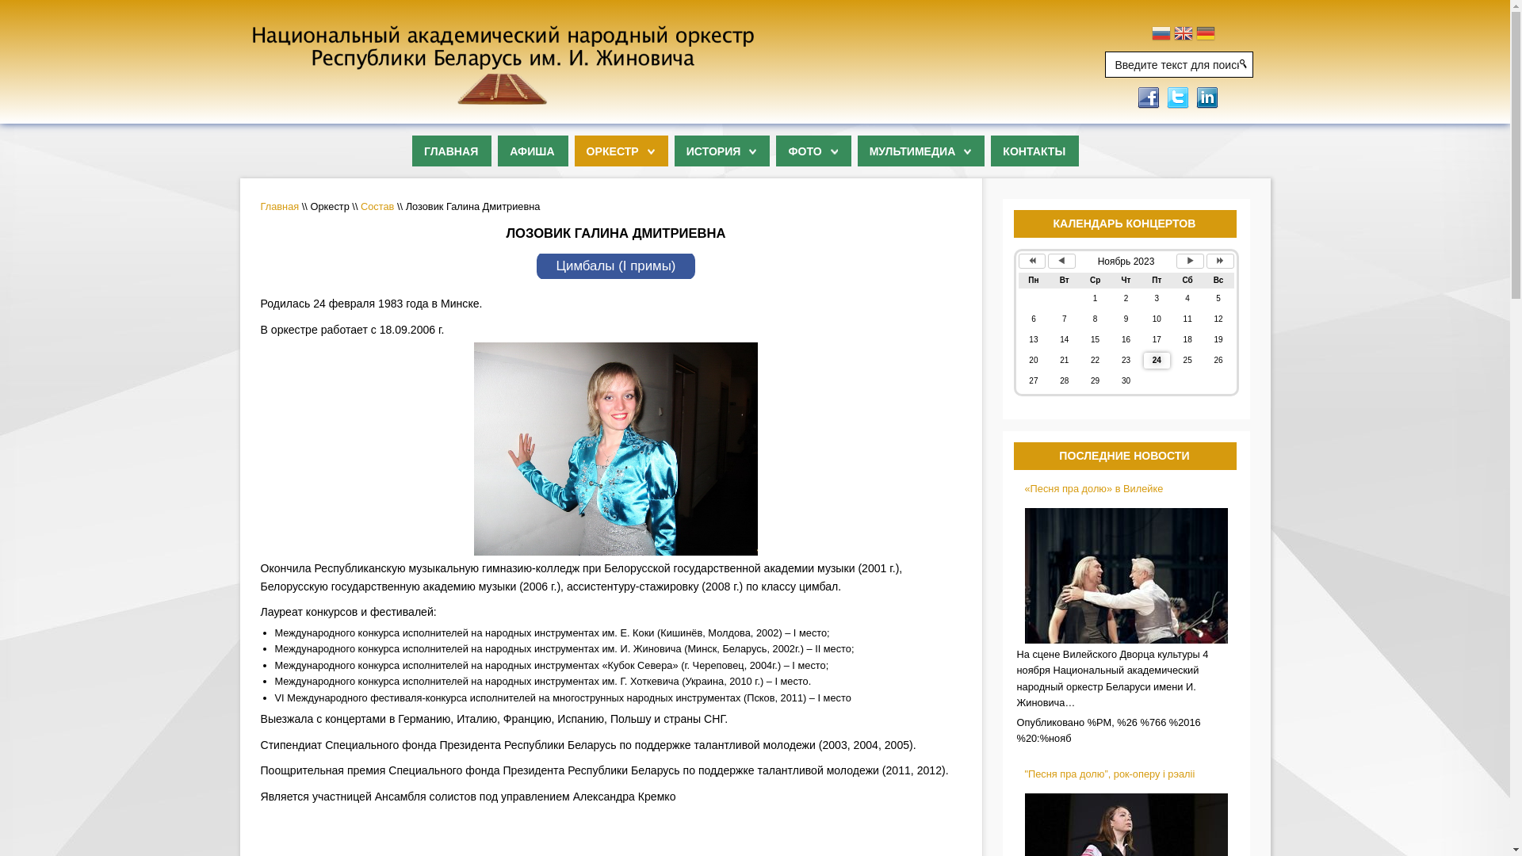 The width and height of the screenshot is (1522, 856). What do you see at coordinates (1195, 35) in the screenshot?
I see `'German'` at bounding box center [1195, 35].